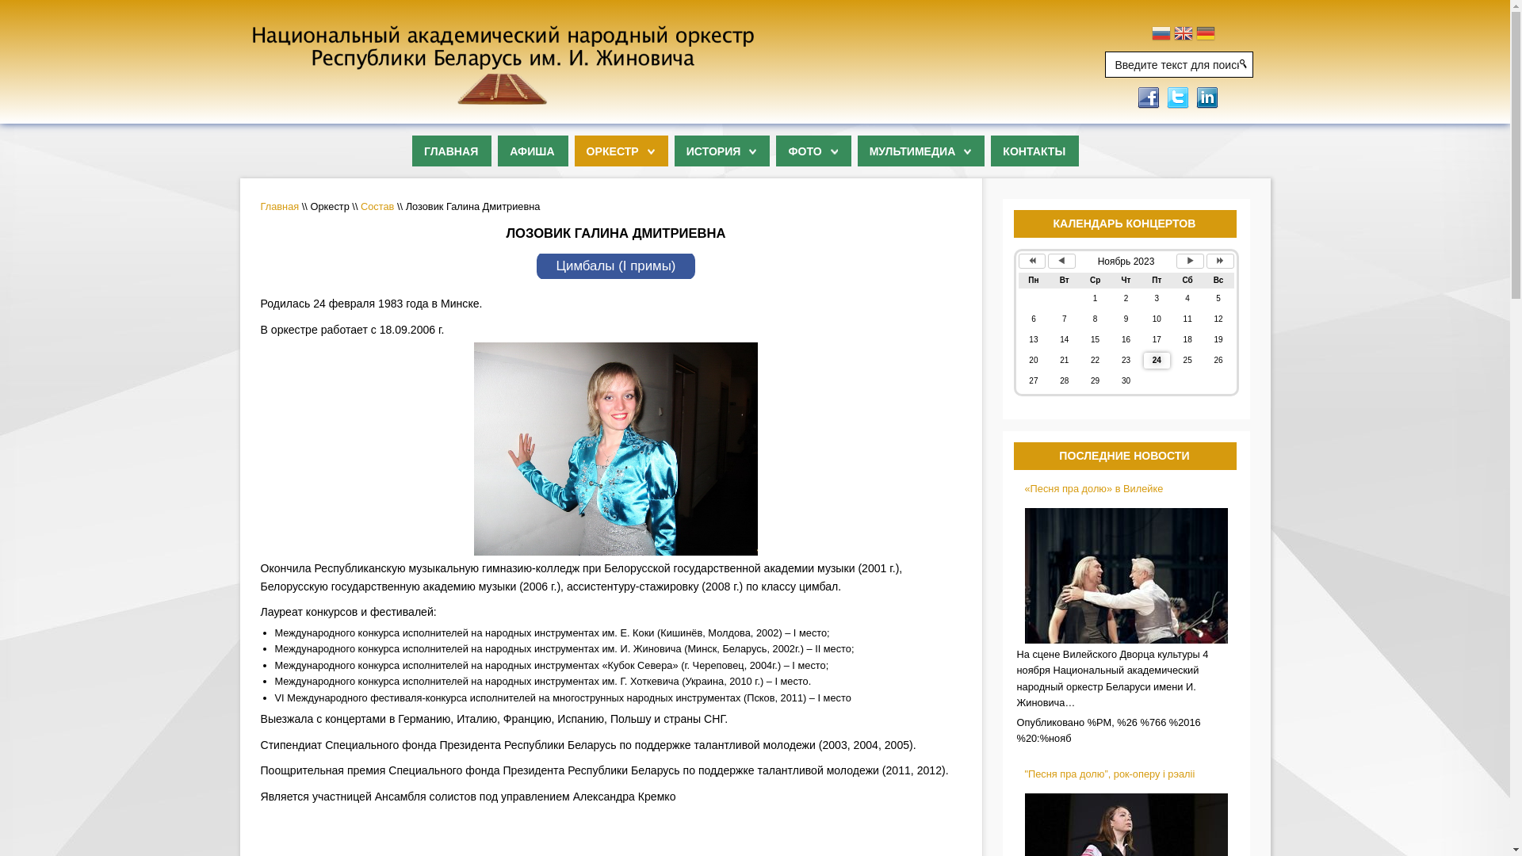 The width and height of the screenshot is (1522, 856). What do you see at coordinates (1195, 35) in the screenshot?
I see `'German'` at bounding box center [1195, 35].